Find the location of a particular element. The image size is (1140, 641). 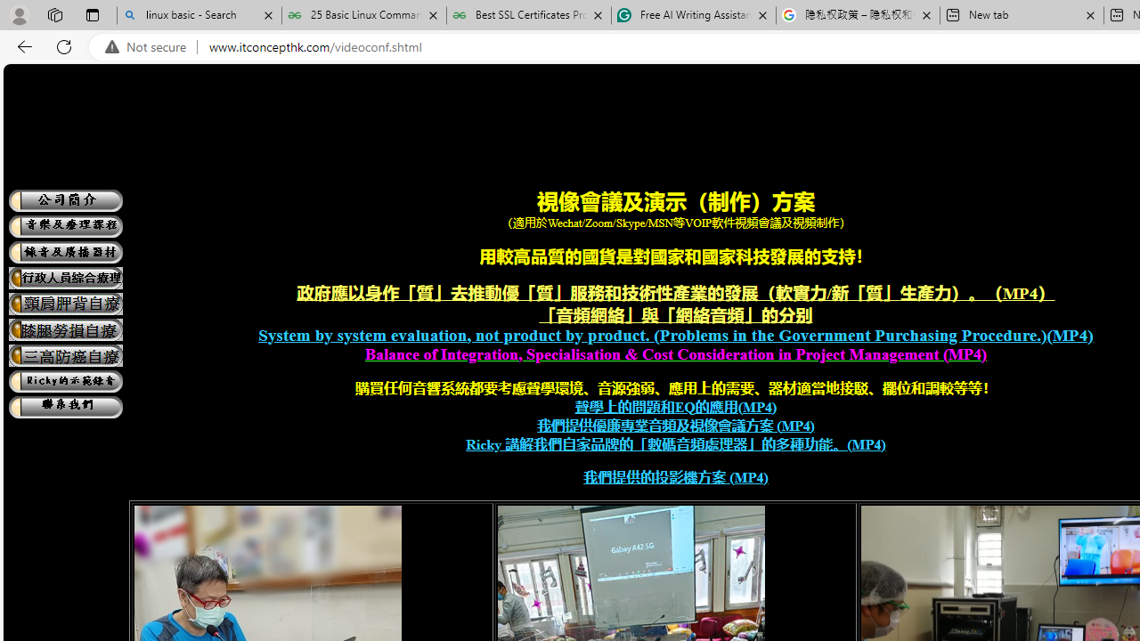

'25 Basic Linux Commands For Beginners - GeeksforGeeks' is located at coordinates (362, 15).